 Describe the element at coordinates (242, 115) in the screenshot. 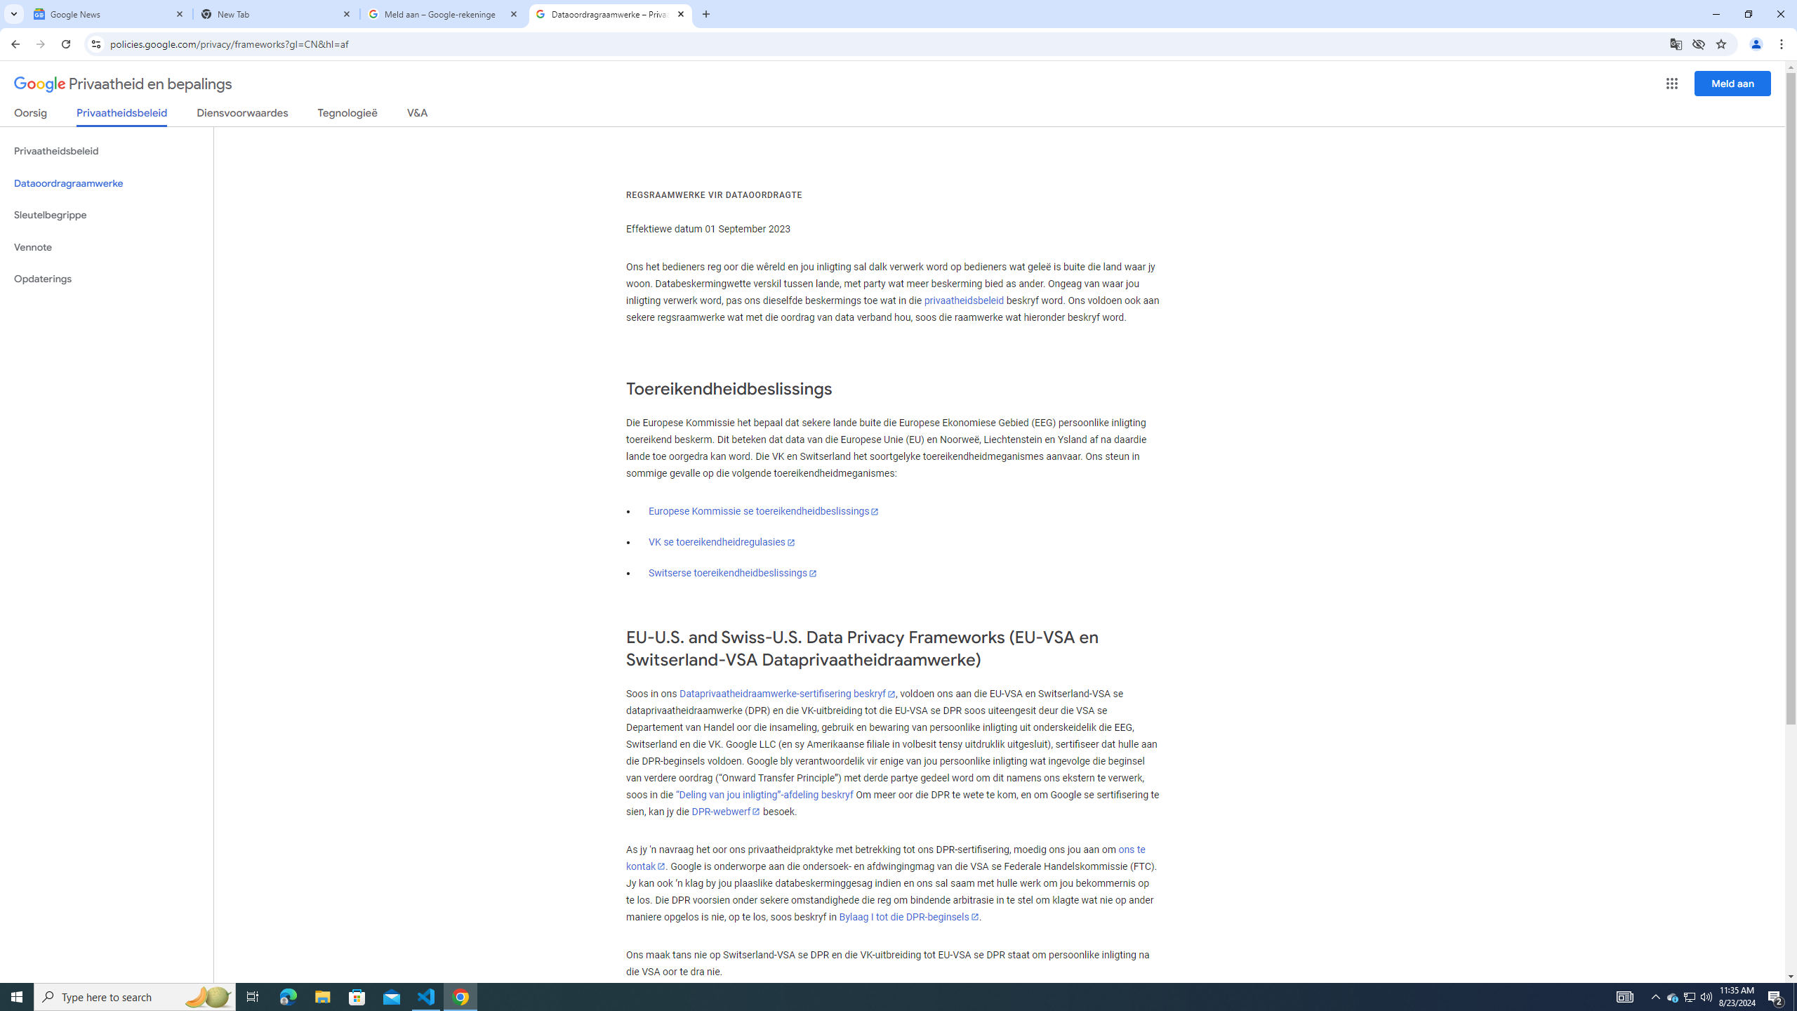

I see `'Diensvoorwaardes'` at that location.